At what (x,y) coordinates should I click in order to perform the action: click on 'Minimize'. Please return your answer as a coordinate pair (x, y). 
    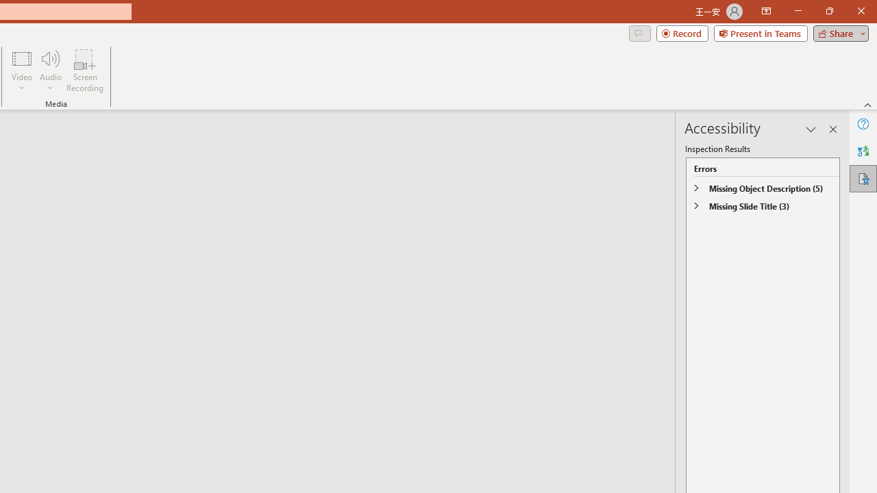
    Looking at the image, I should click on (798, 11).